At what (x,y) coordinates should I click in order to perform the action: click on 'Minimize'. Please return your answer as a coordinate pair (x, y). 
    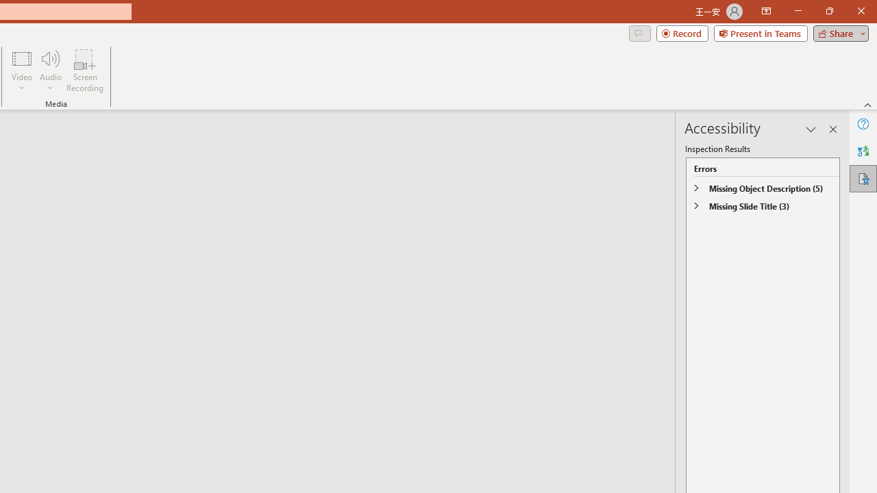
    Looking at the image, I should click on (798, 11).